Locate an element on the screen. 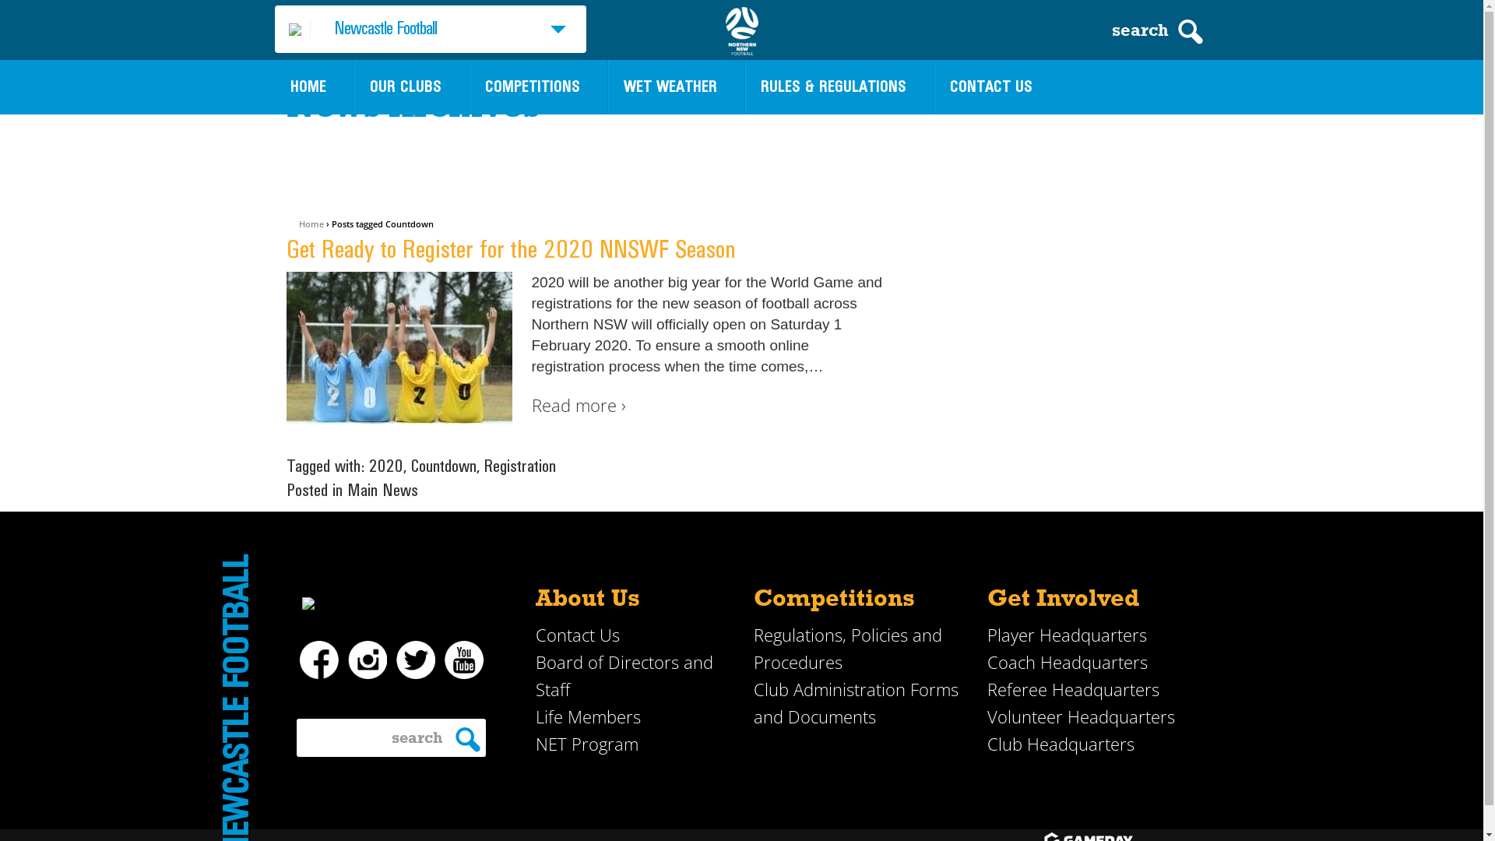 The width and height of the screenshot is (1495, 841). 'Youtube' is located at coordinates (443, 660).